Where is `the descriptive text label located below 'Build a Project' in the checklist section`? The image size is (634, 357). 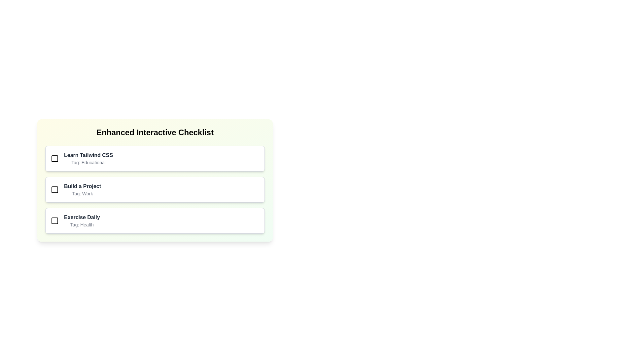 the descriptive text label located below 'Build a Project' in the checklist section is located at coordinates (82, 193).